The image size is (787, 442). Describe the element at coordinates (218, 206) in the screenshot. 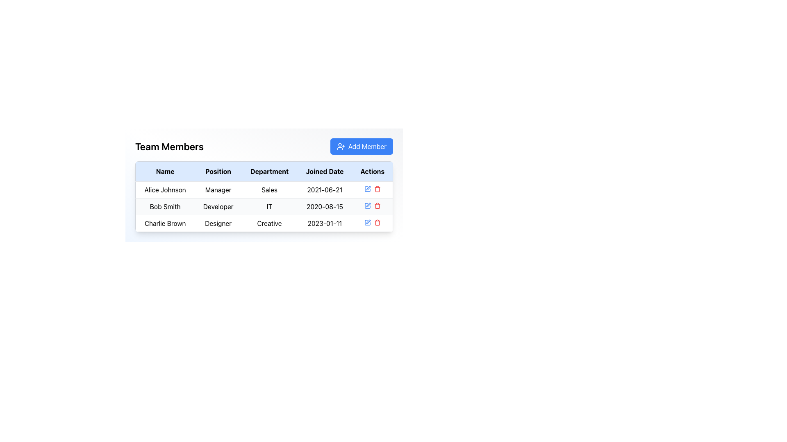

I see `the text label representing the job title of 'Bob Smith' in the second row of the table under the 'Position' column` at that location.